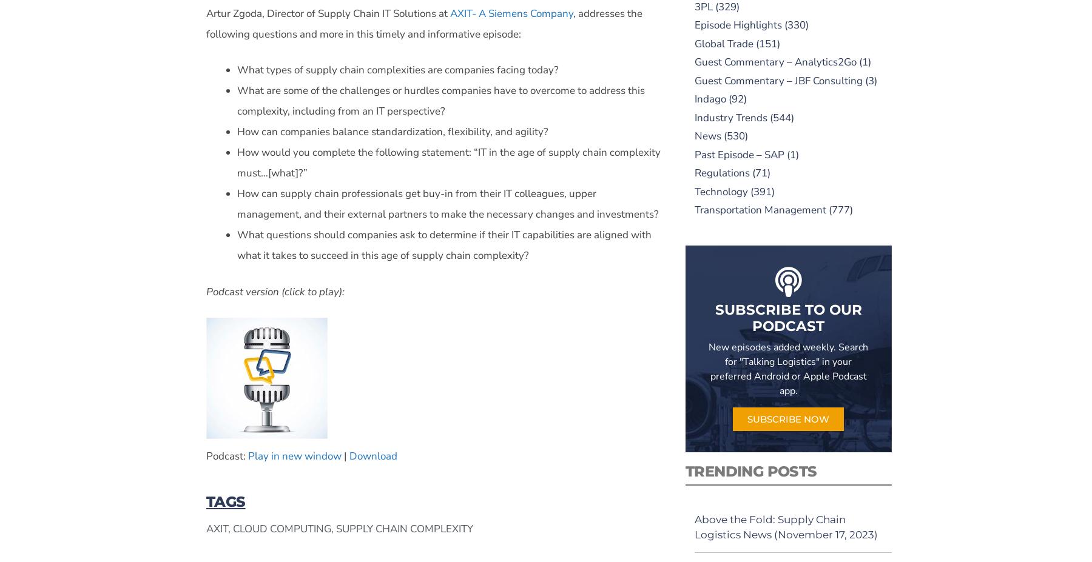  I want to click on 'TAGS', so click(206, 501).